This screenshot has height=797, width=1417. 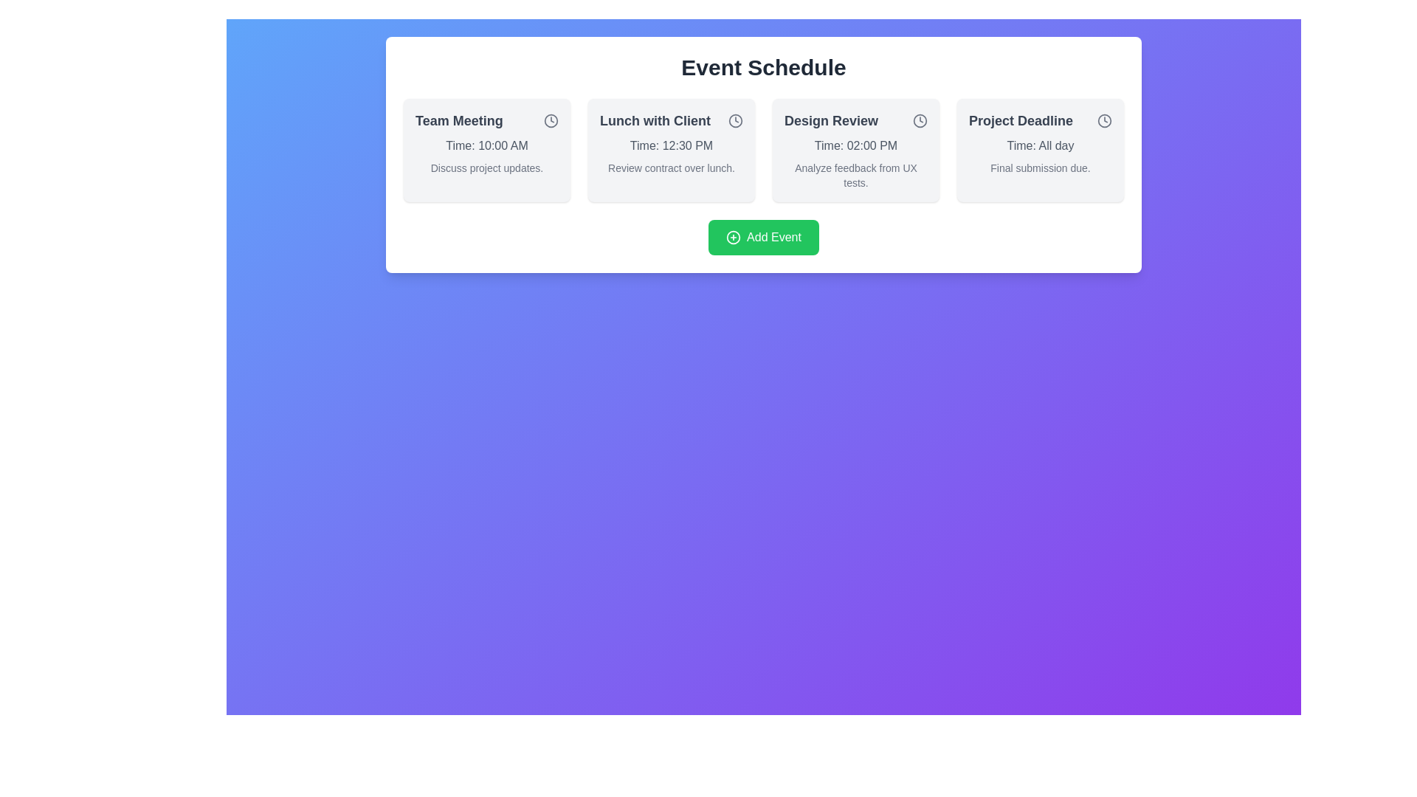 I want to click on the circular icon styled like a clock face, located at the top-right corner of the 'Lunch with Client' event card in the event schedule area, so click(x=736, y=120).